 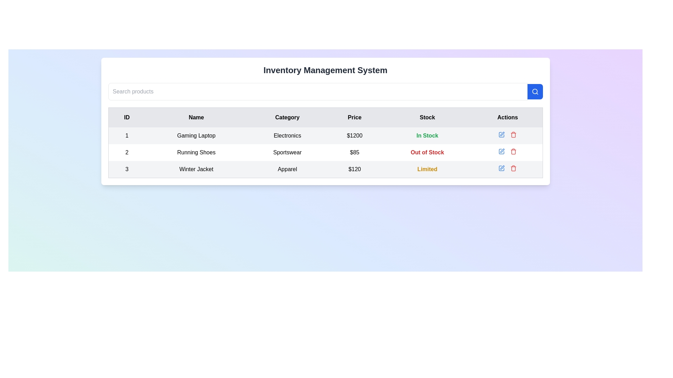 I want to click on the 'Edit' action icon located in the 'Actions' column of the 'Running Shoes' row, so click(x=501, y=151).